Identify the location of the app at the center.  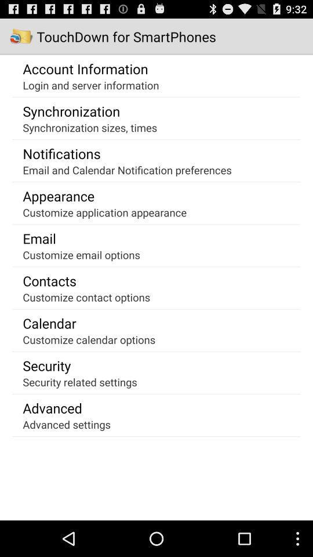
(104, 212).